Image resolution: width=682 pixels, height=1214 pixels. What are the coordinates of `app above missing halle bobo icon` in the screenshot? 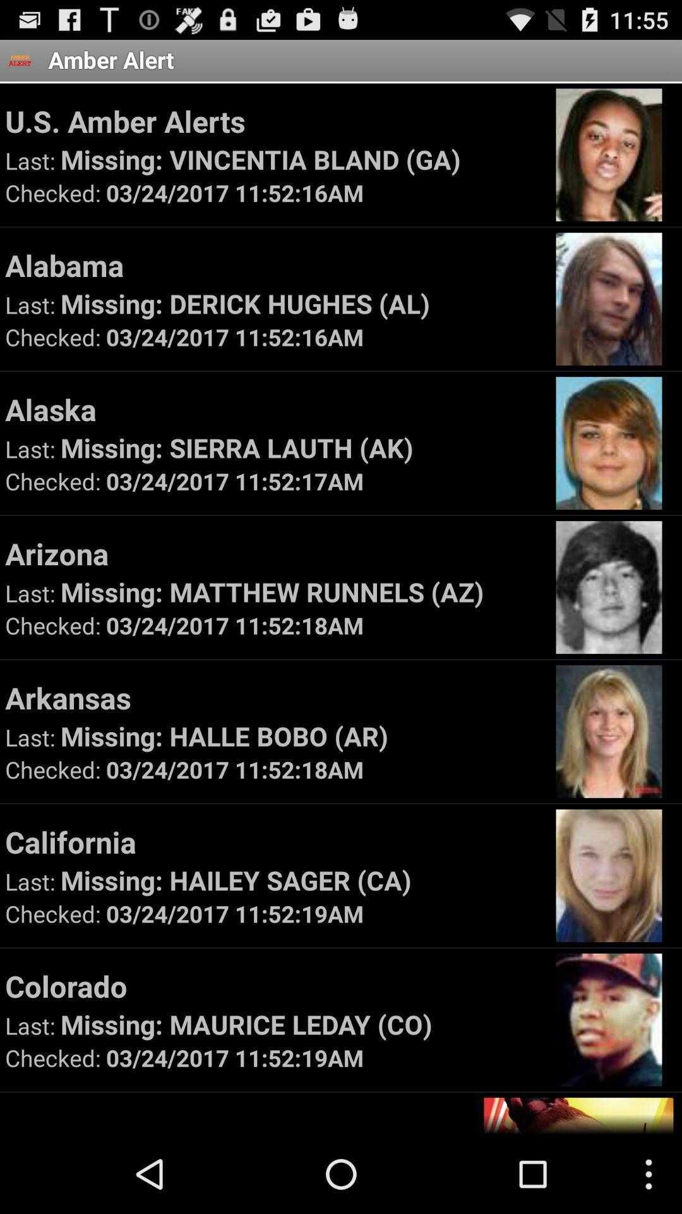 It's located at (274, 697).